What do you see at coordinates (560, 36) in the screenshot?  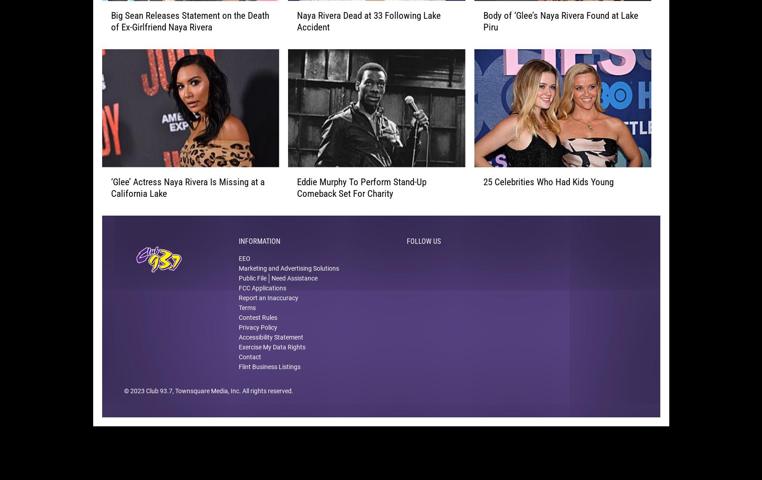 I see `'Body of ‘Glee’s Naya Rivera Found at Lake Piru'` at bounding box center [560, 36].